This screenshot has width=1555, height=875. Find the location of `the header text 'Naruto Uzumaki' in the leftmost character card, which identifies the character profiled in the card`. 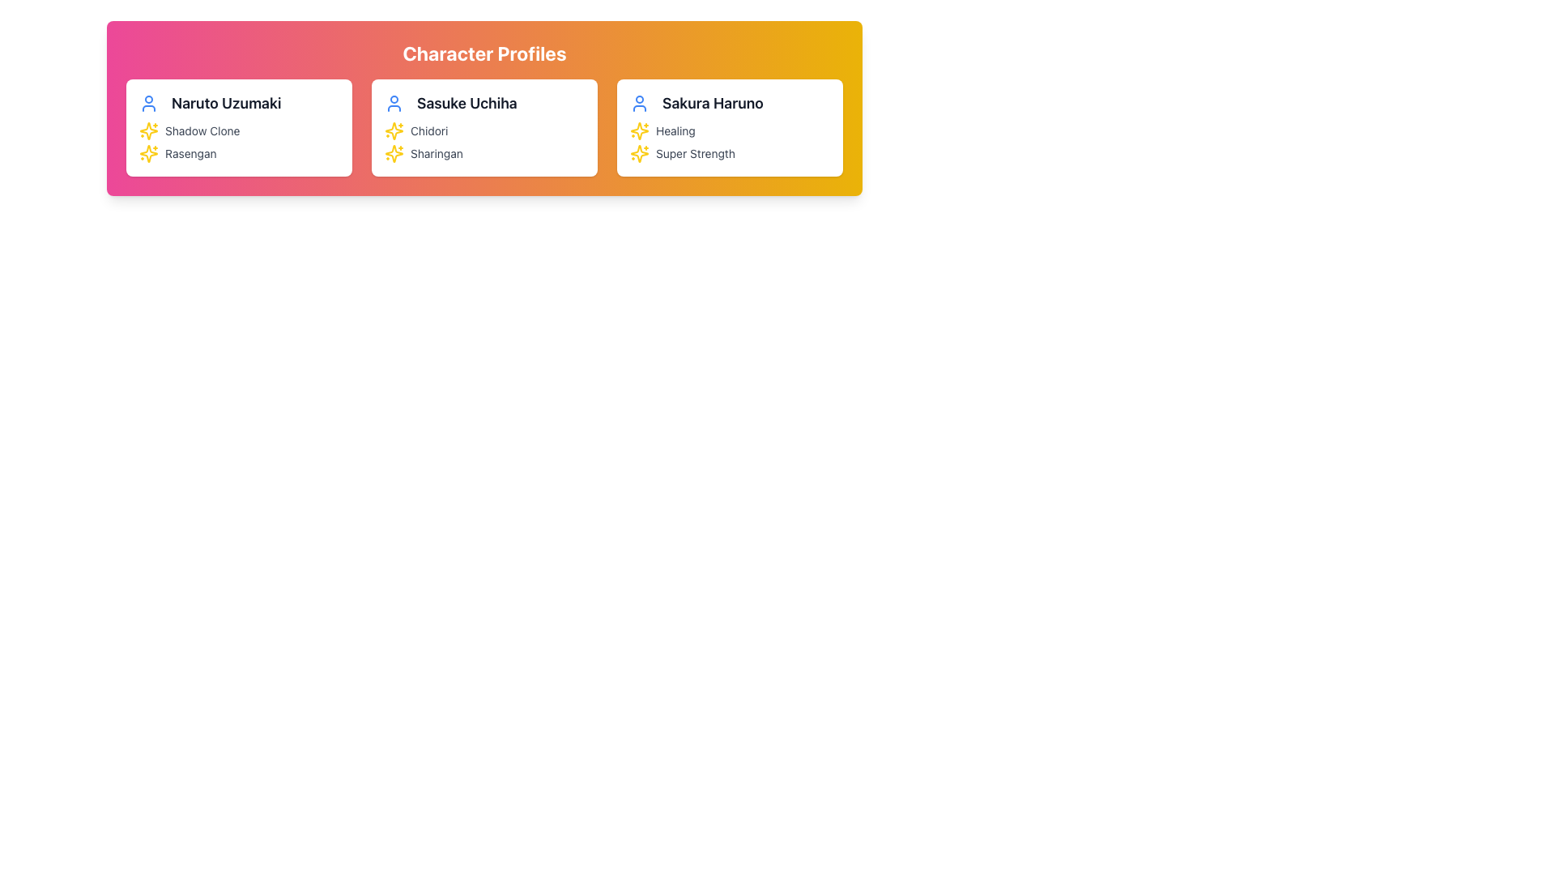

the header text 'Naruto Uzumaki' in the leftmost character card, which identifies the character profiled in the card is located at coordinates (225, 103).